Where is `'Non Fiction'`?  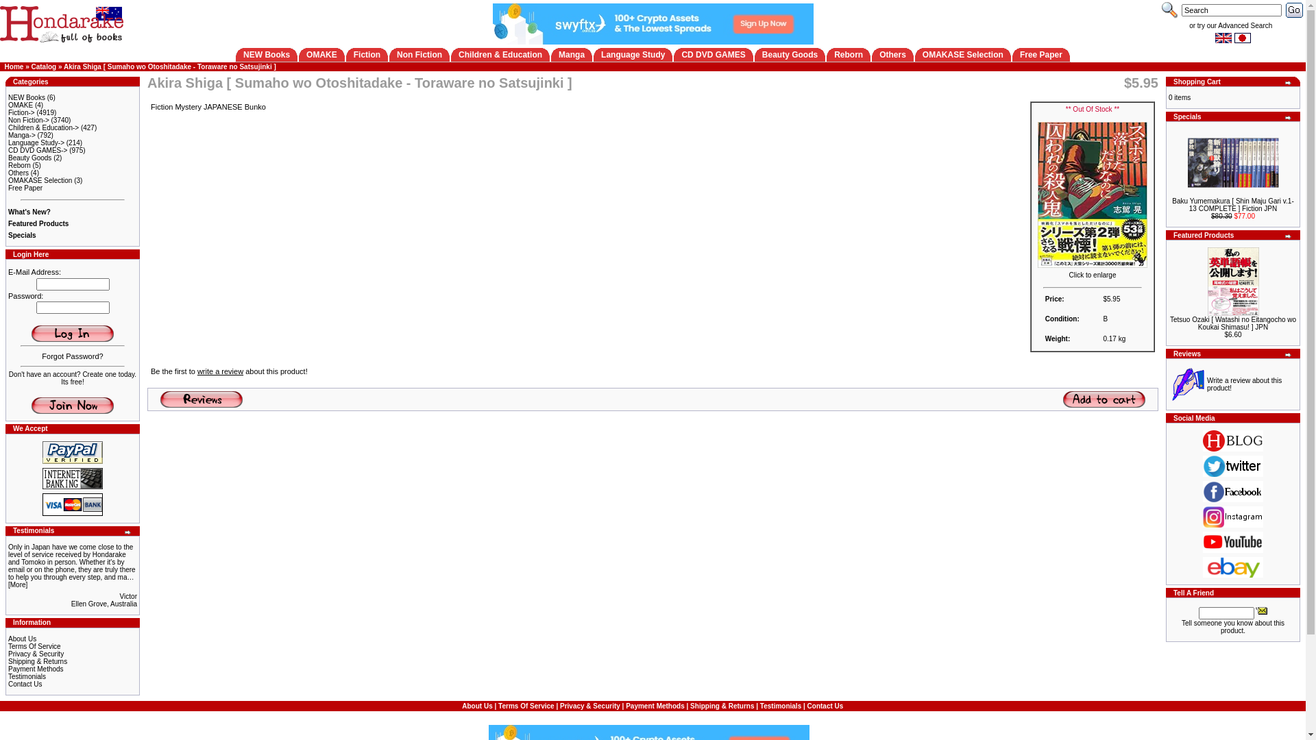
'Non Fiction' is located at coordinates (418, 54).